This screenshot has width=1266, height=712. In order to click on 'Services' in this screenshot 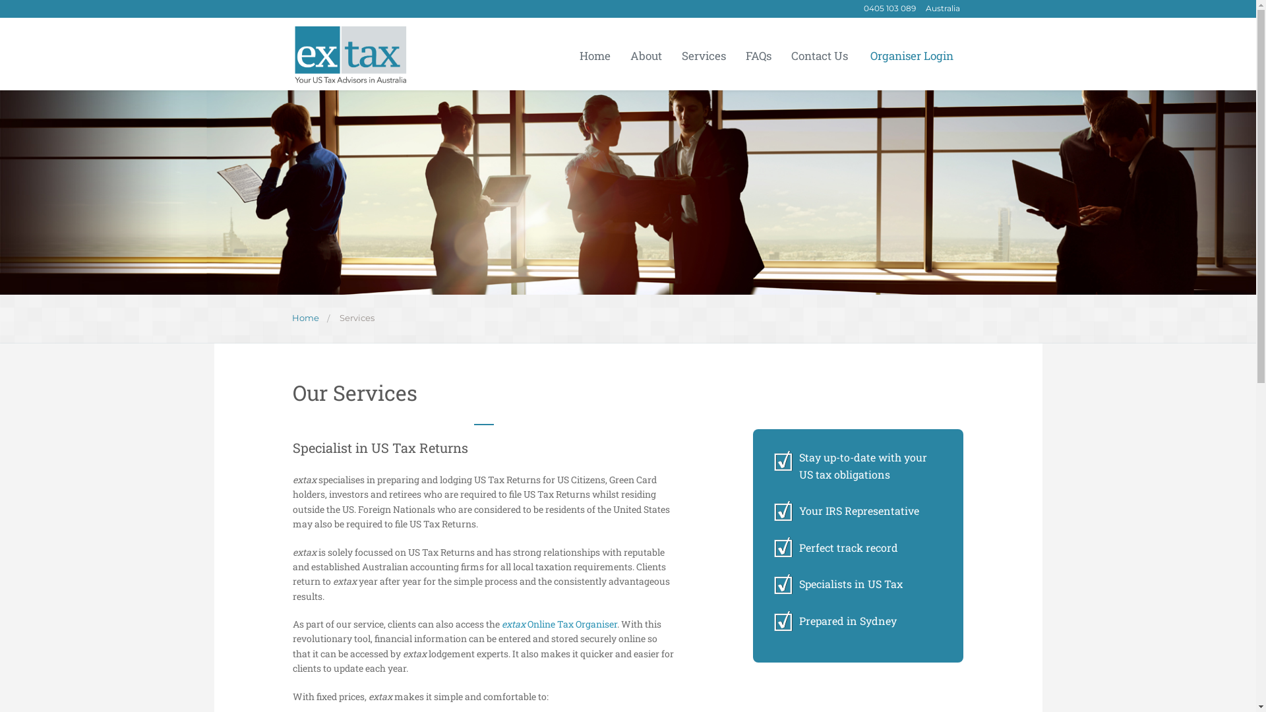, I will do `click(357, 318)`.